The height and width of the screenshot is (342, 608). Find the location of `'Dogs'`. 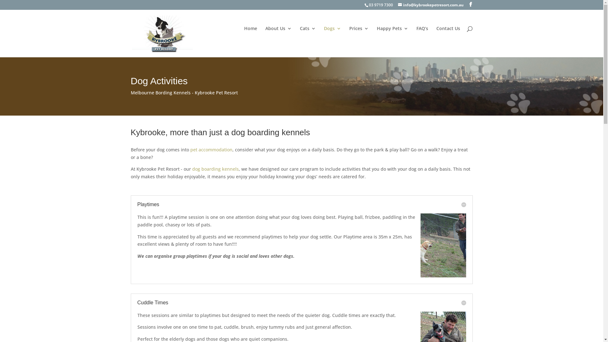

'Dogs' is located at coordinates (332, 36).